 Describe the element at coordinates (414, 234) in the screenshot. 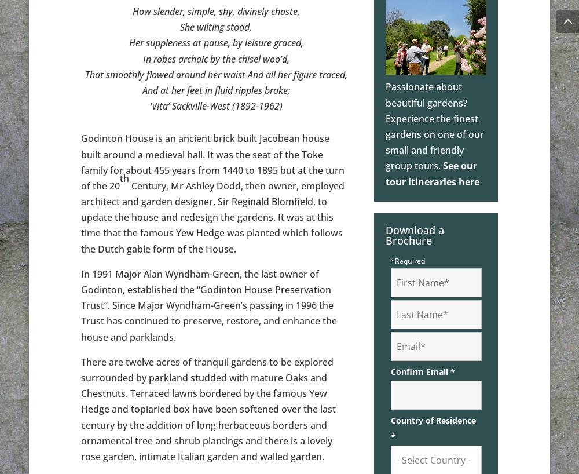

I see `'Download a Brochure'` at that location.